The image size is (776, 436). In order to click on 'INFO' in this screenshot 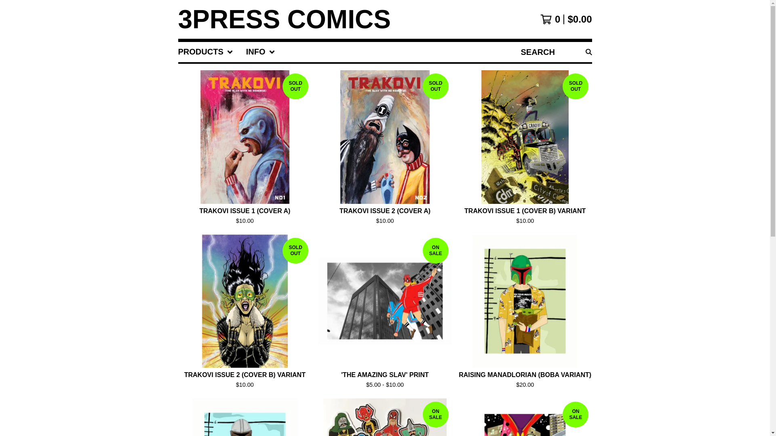, I will do `click(260, 52)`.